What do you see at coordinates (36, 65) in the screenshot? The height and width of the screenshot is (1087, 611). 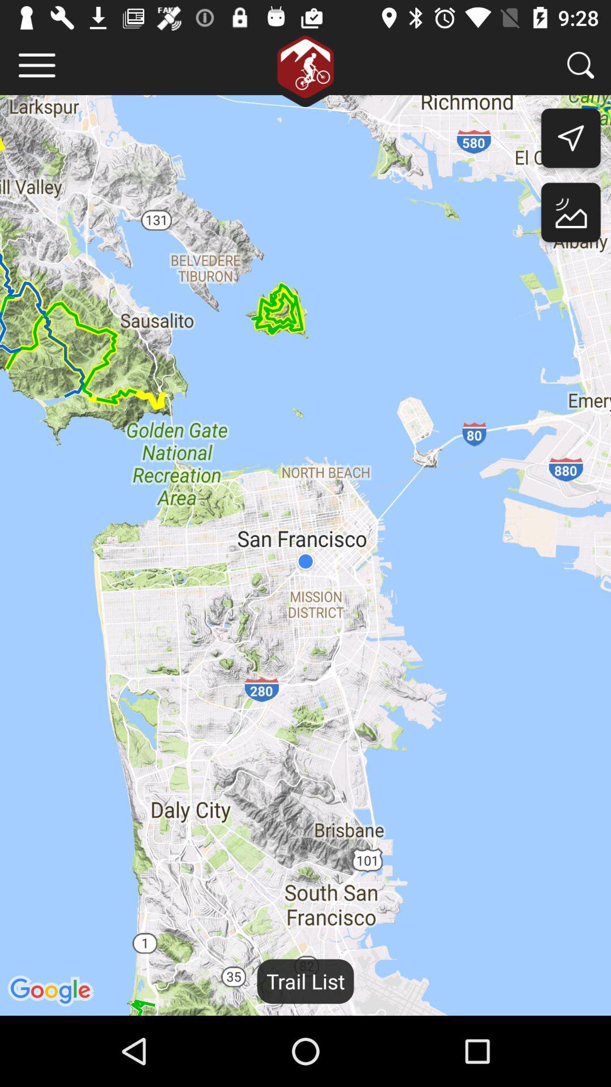 I see `show more data` at bounding box center [36, 65].